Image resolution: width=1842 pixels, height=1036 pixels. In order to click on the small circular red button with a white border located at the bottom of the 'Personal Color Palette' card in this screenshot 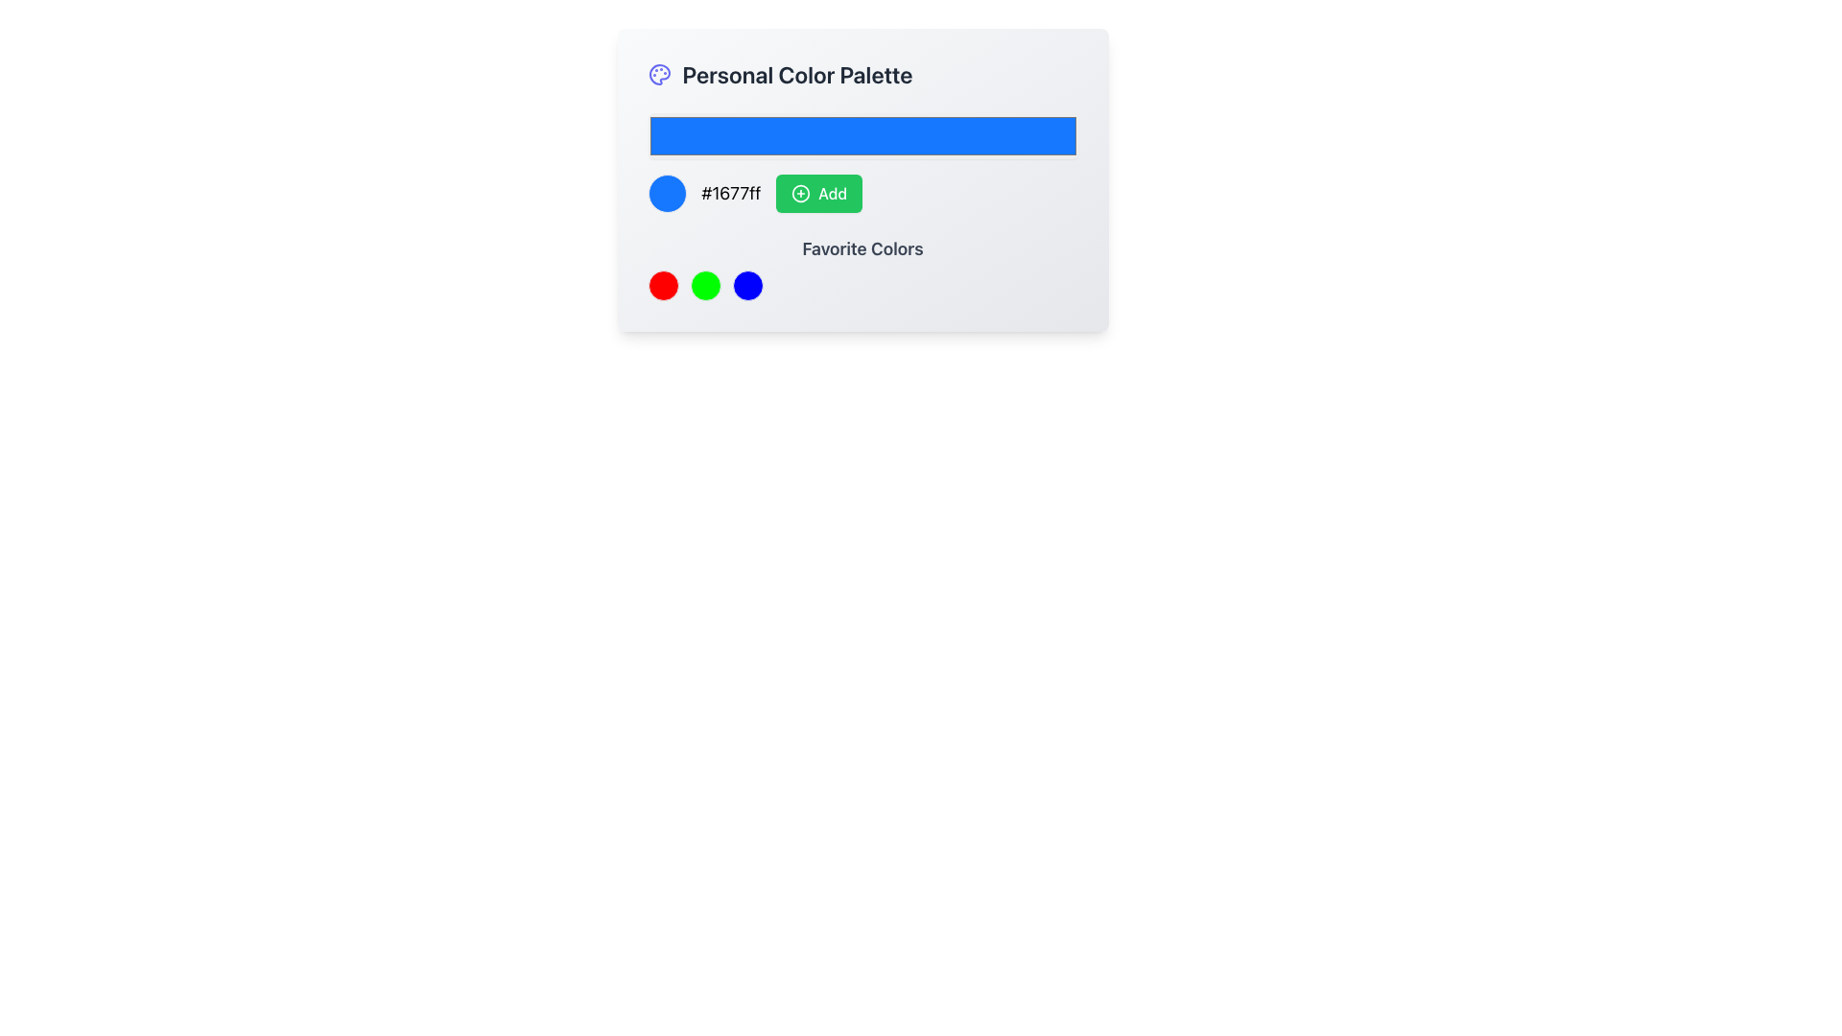, I will do `click(663, 285)`.